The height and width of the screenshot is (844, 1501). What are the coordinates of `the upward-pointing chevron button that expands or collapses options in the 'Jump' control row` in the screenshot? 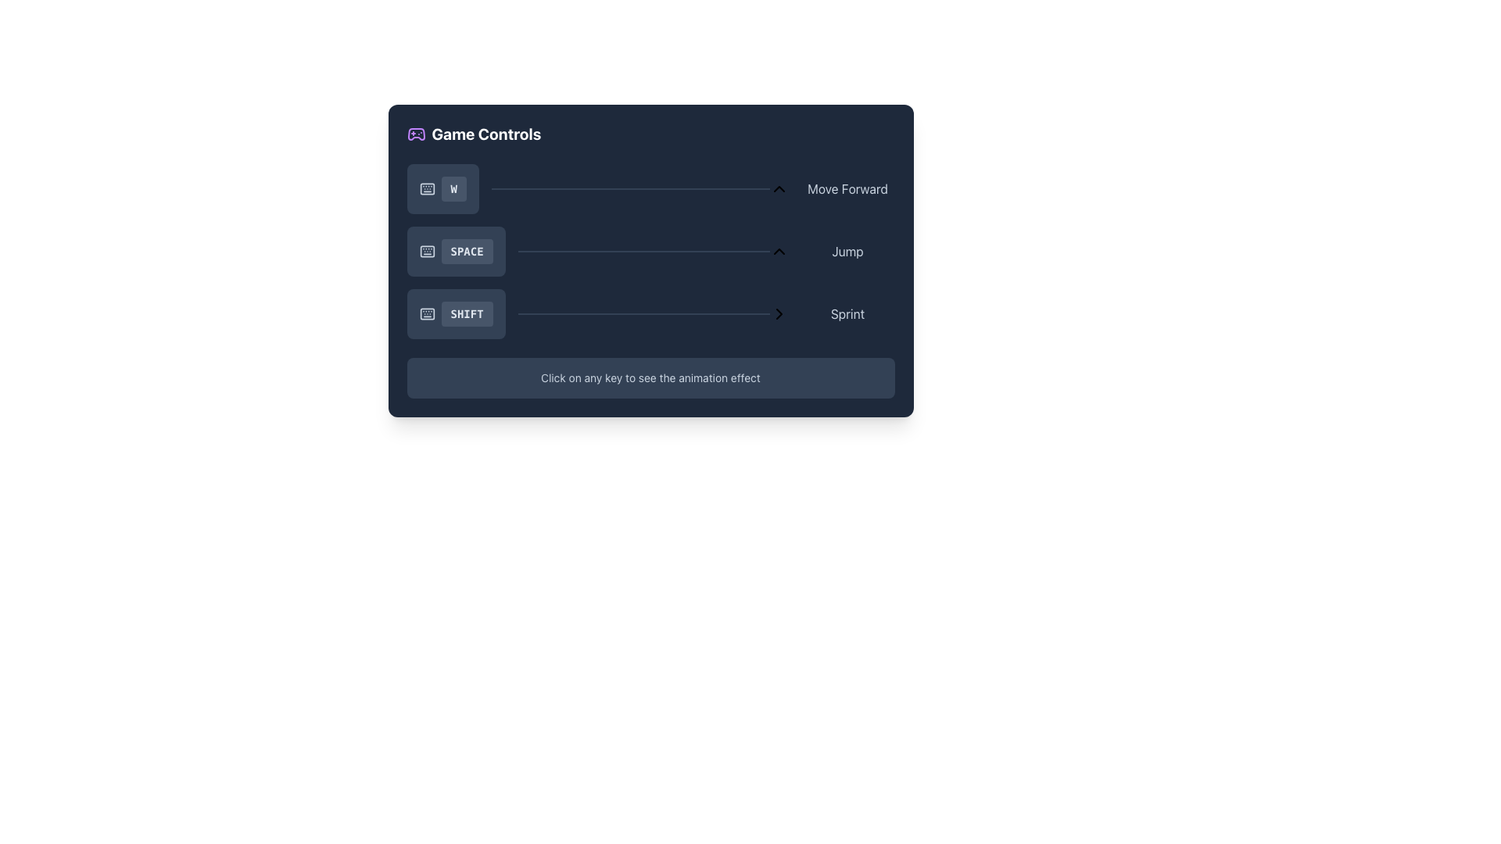 It's located at (779, 250).